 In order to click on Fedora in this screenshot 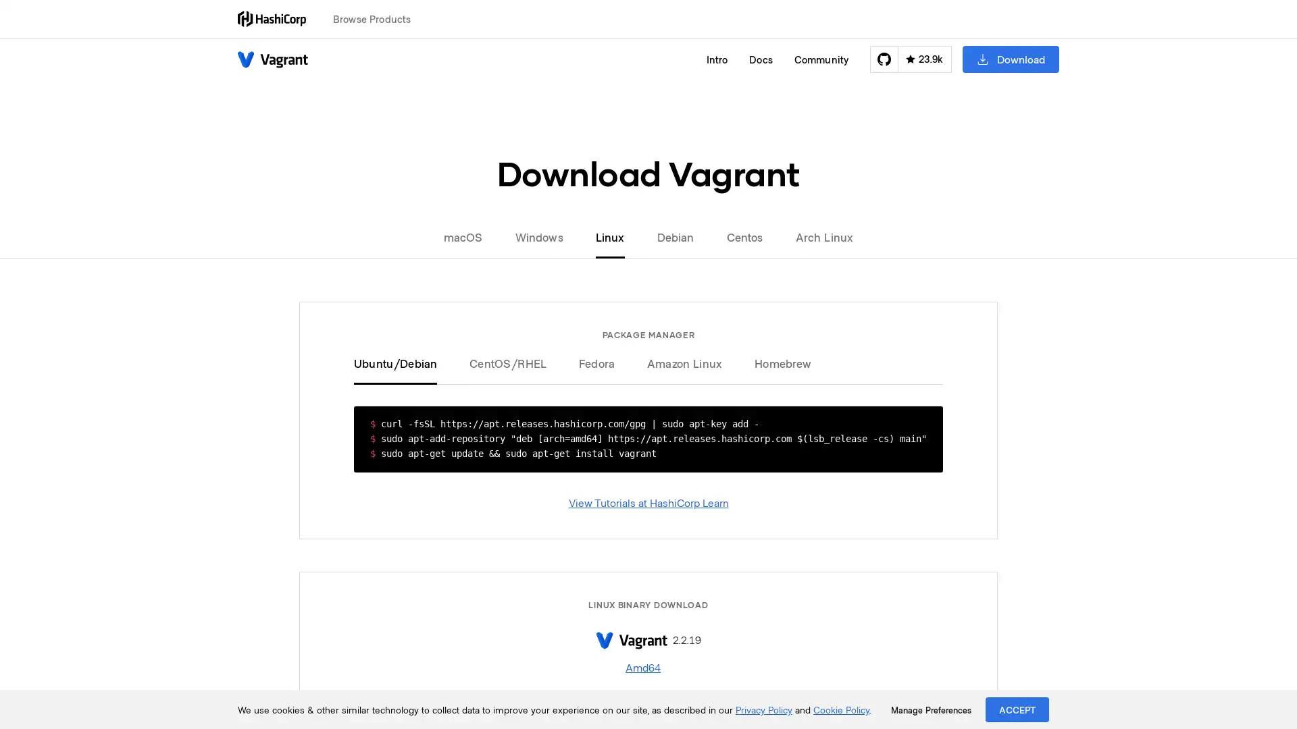, I will do `click(596, 362)`.